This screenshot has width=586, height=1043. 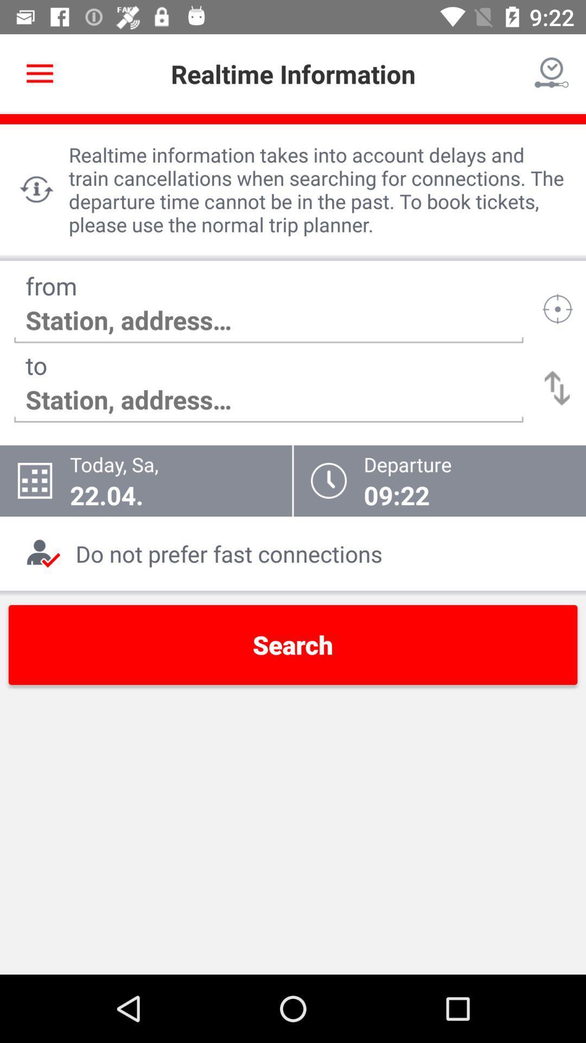 I want to click on the realtime information icon, so click(x=36, y=190).